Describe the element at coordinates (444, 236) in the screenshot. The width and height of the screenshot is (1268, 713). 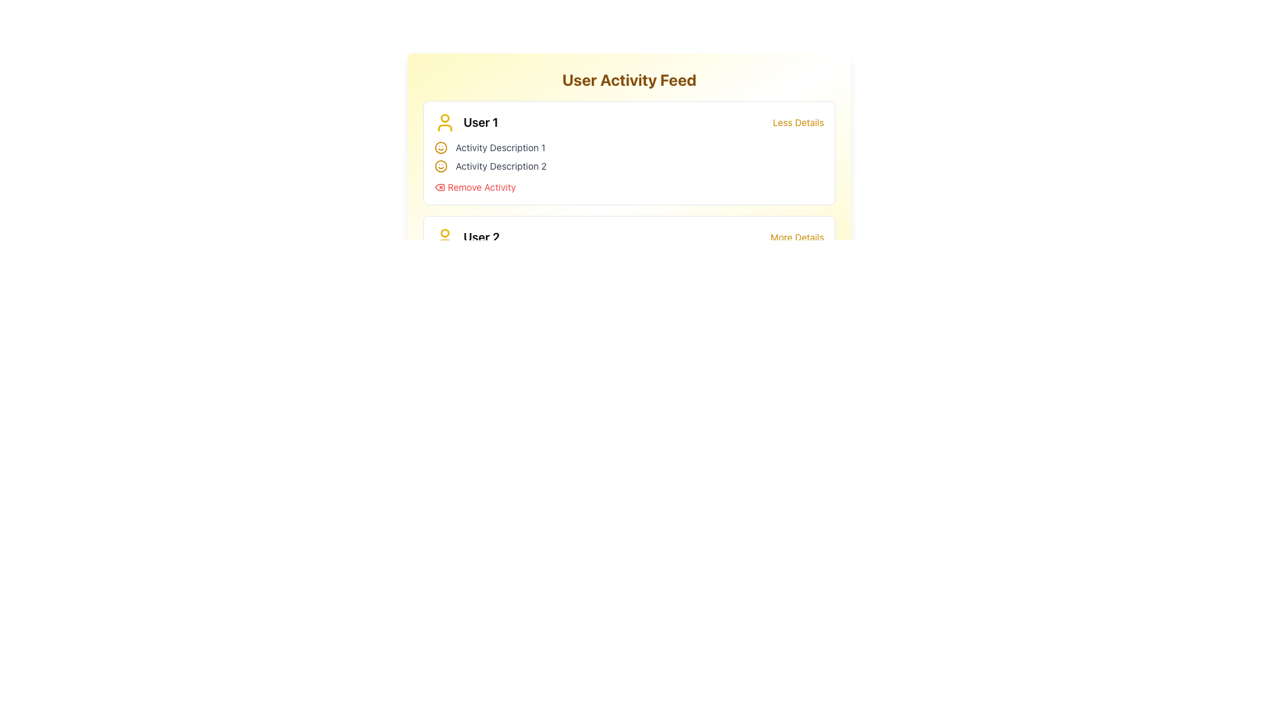
I see `the yellow circular profile outline user icon located above a curved base, which is positioned to the left of the 'User 2' text in the 'User Activity Feed' section` at that location.